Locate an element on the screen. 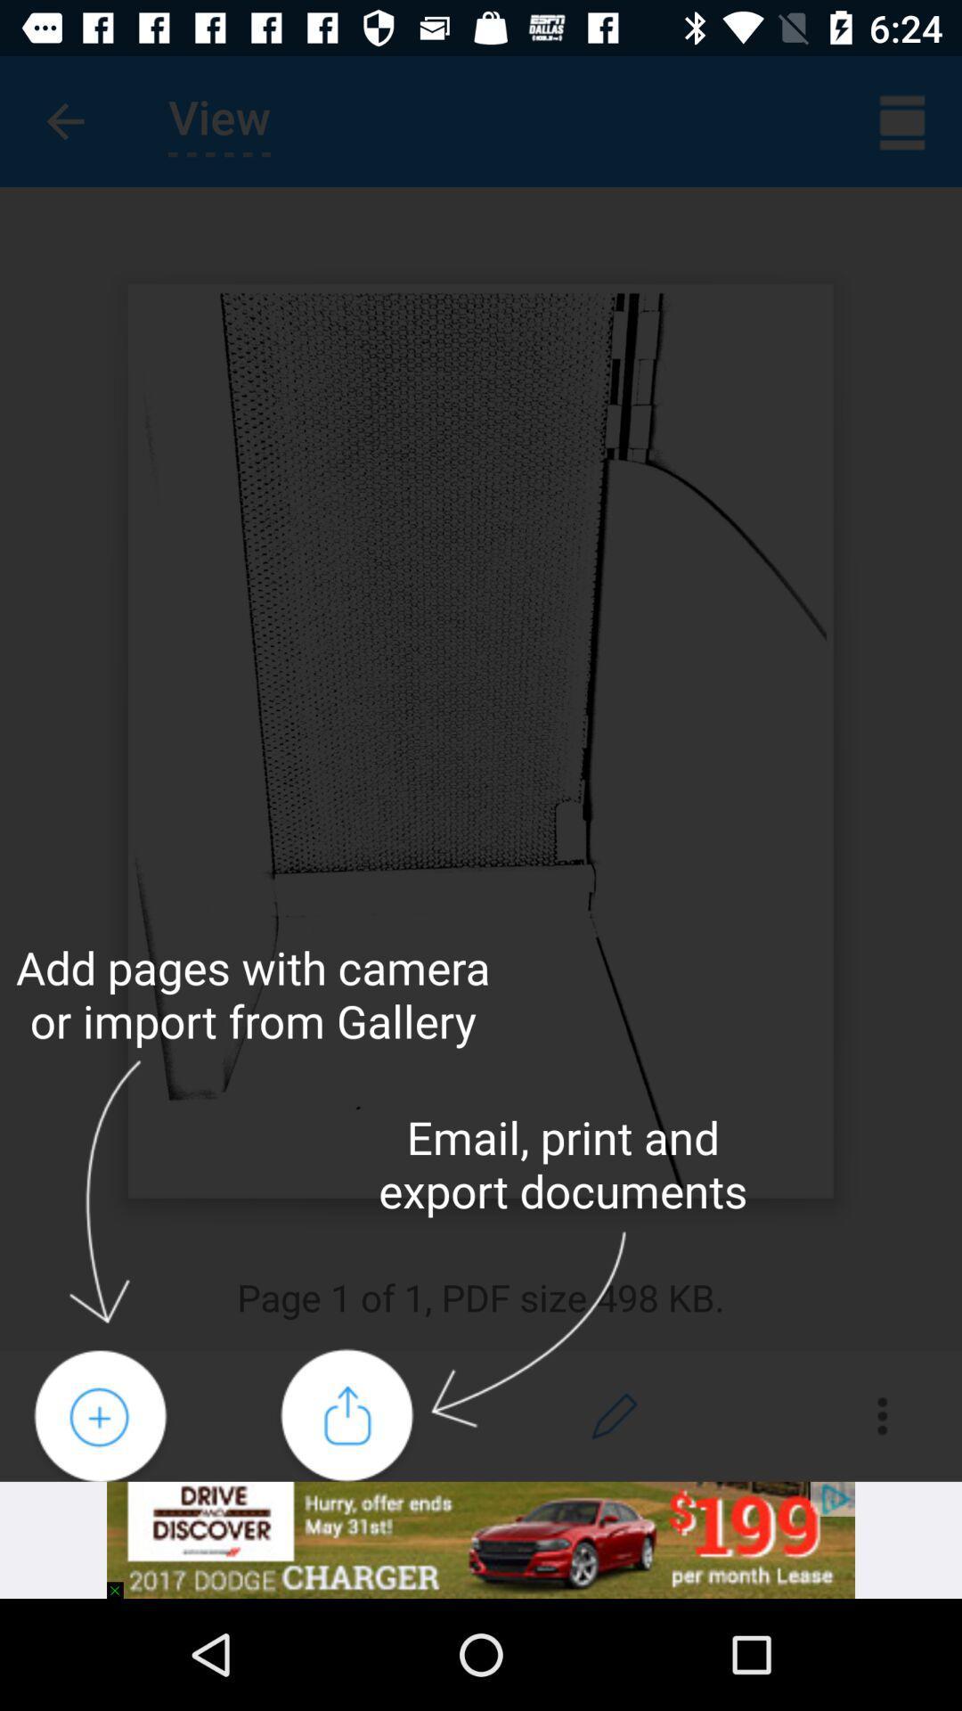 The image size is (962, 1711). the add icon is located at coordinates (78, 1415).